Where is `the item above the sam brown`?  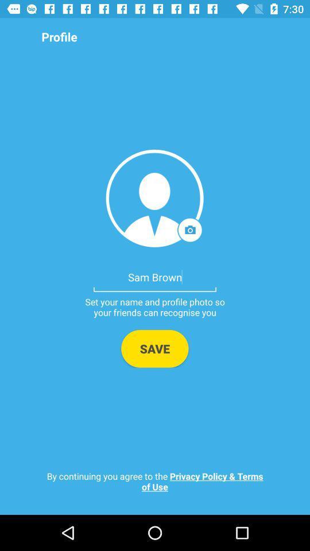
the item above the sam brown is located at coordinates (154, 198).